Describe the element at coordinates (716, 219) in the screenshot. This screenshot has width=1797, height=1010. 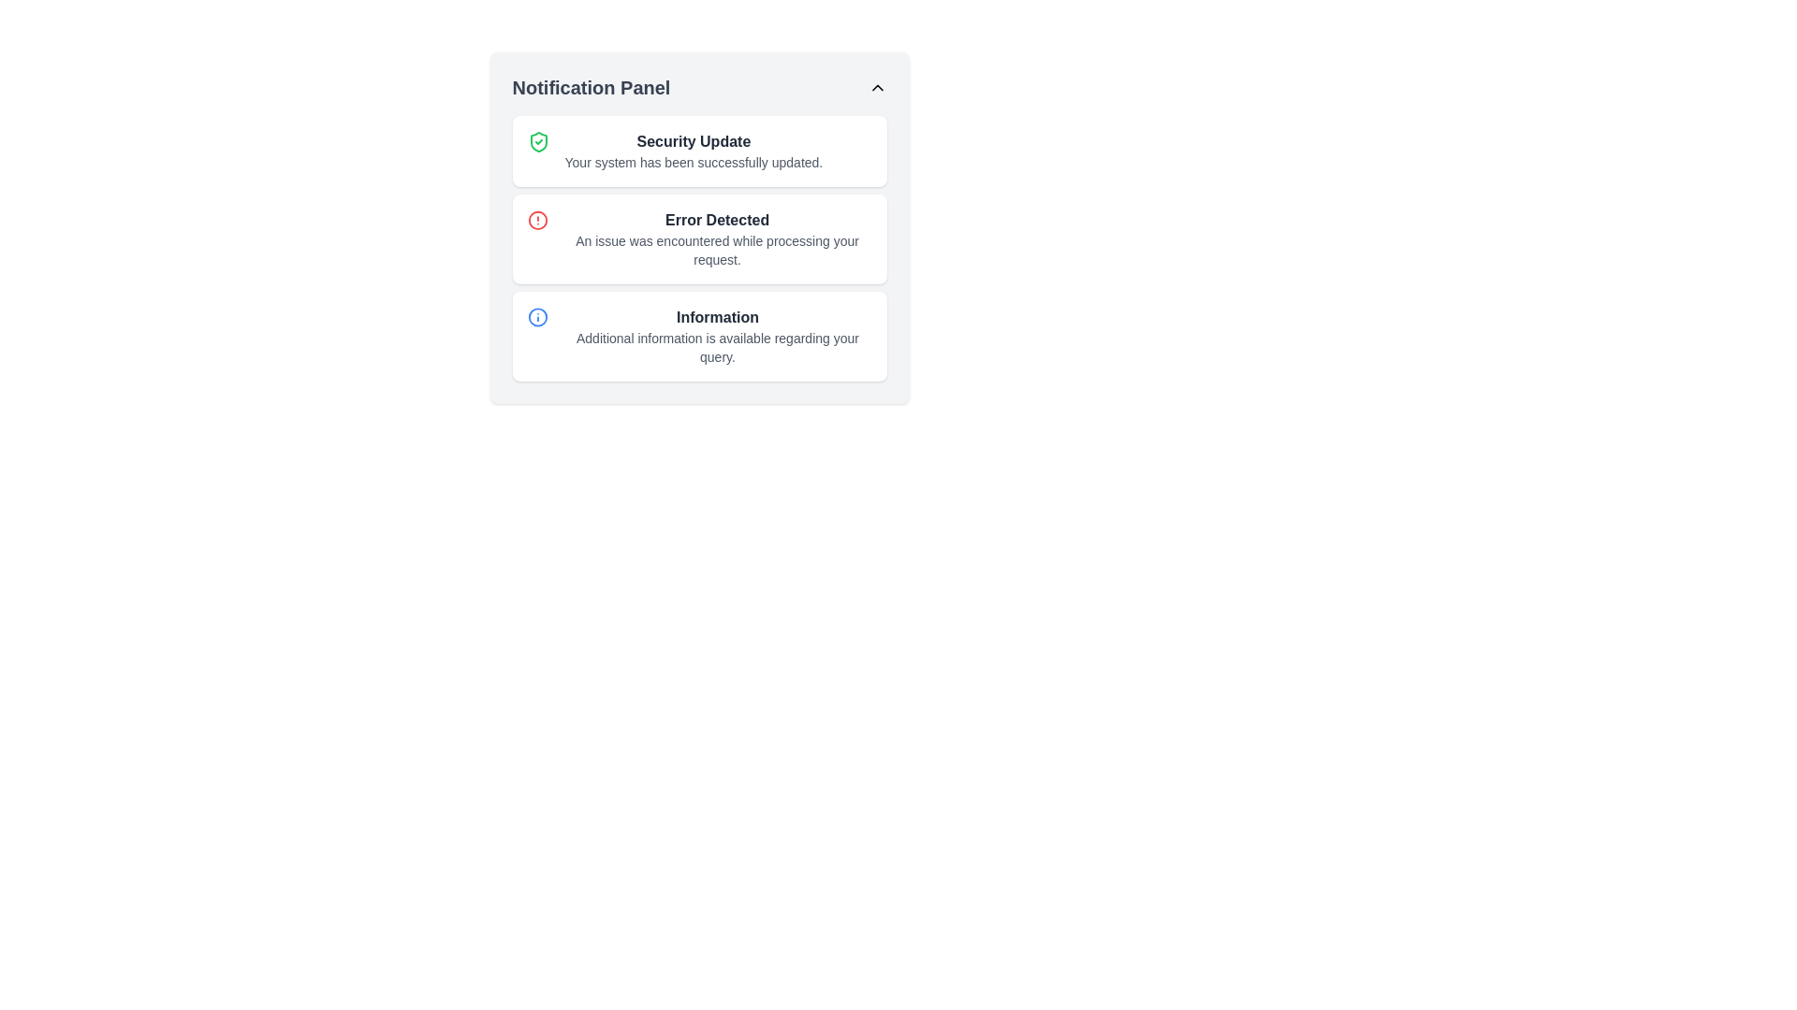
I see `text content of the bold 'Error Detected' label located in the notification panel under 'Security Update'` at that location.